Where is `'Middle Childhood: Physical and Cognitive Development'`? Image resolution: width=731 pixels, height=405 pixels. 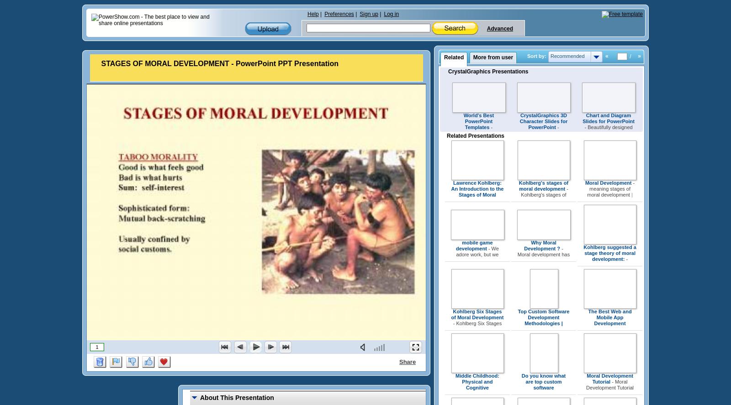
'Middle Childhood: Physical and Cognitive Development' is located at coordinates (477, 384).